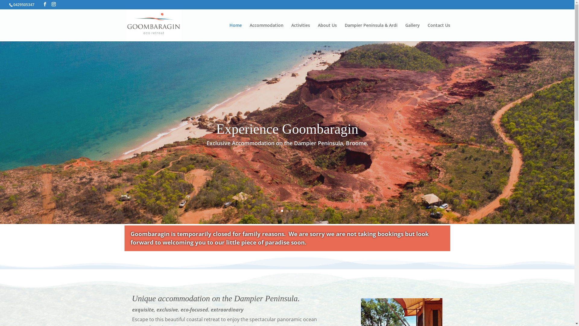 The height and width of the screenshot is (326, 579). Describe the element at coordinates (297, 210) in the screenshot. I see `'5'` at that location.